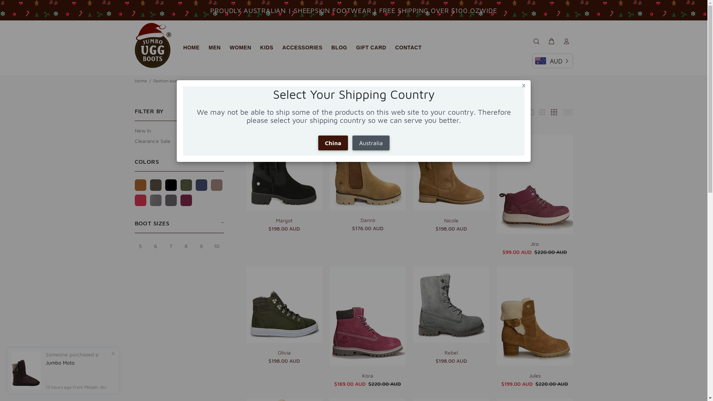 This screenshot has width=713, height=401. Describe the element at coordinates (318, 143) in the screenshot. I see `'China'` at that location.